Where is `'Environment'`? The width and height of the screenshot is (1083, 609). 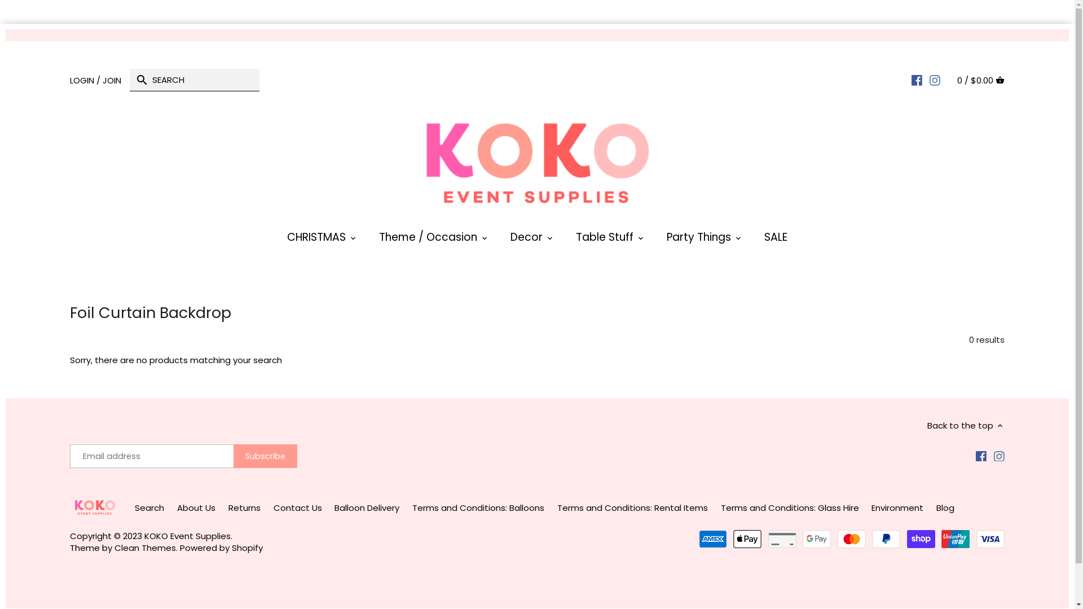 'Environment' is located at coordinates (871, 507).